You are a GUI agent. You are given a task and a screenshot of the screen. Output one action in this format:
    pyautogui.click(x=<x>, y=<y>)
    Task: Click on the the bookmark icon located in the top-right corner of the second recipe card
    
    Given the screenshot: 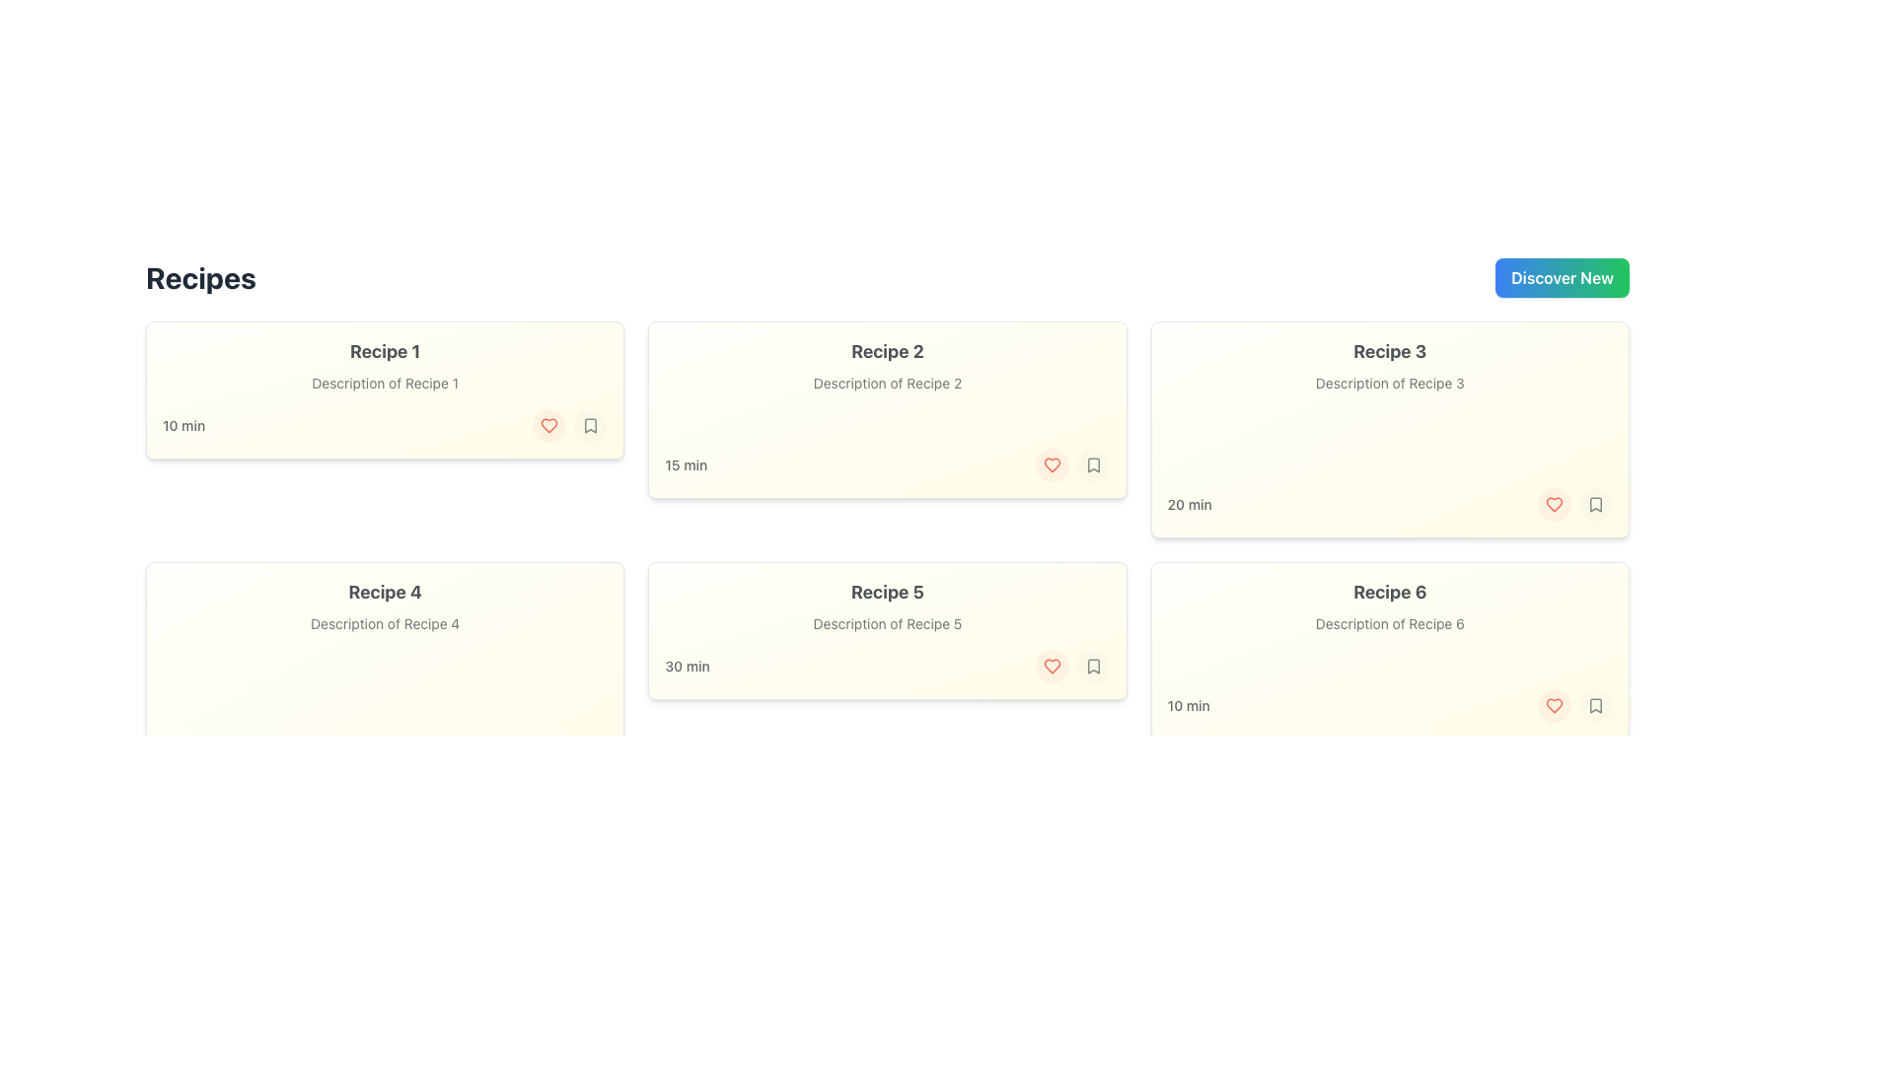 What is the action you would take?
    pyautogui.click(x=1092, y=464)
    